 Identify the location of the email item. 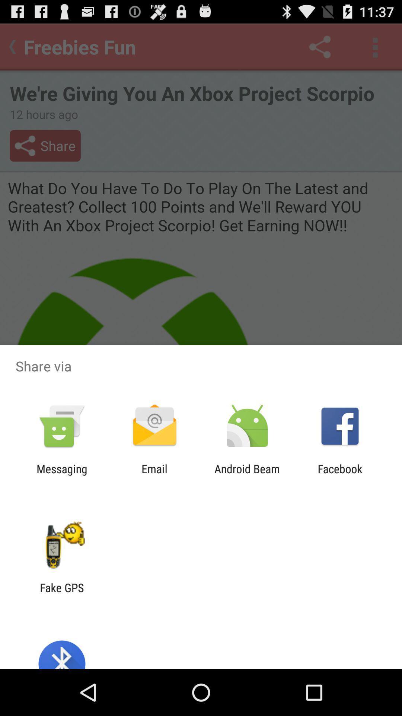
(154, 475).